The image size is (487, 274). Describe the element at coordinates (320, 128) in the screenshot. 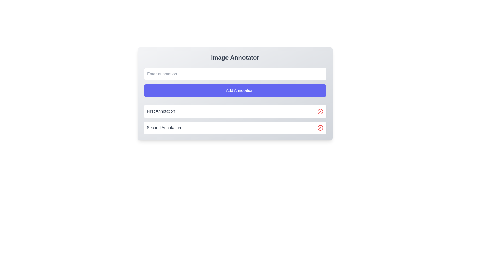

I see `the deletion button located at the far-right end of the 'Second Annotation' entry` at that location.